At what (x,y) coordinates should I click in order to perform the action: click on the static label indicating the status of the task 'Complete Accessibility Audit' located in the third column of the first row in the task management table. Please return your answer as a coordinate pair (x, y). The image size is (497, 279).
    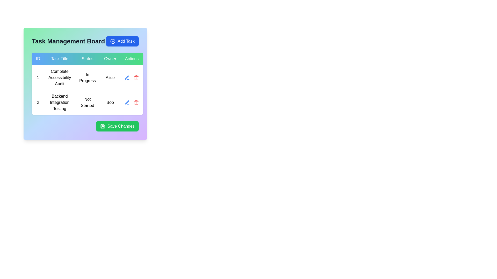
    Looking at the image, I should click on (87, 78).